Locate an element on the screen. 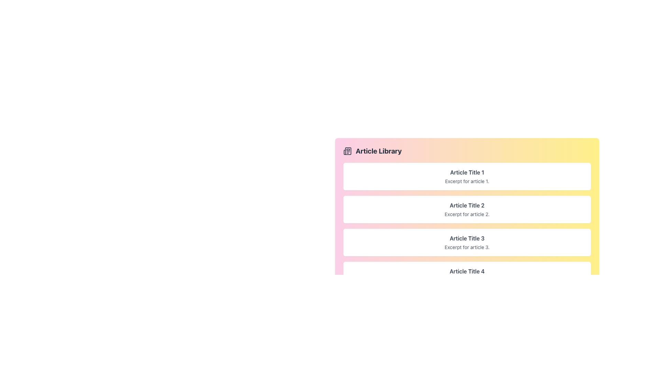 This screenshot has height=371, width=660. the card with the headline 'Article Title 2' in the 'Article Library' section, which is the second card in the vertical list of articles is located at coordinates (467, 209).